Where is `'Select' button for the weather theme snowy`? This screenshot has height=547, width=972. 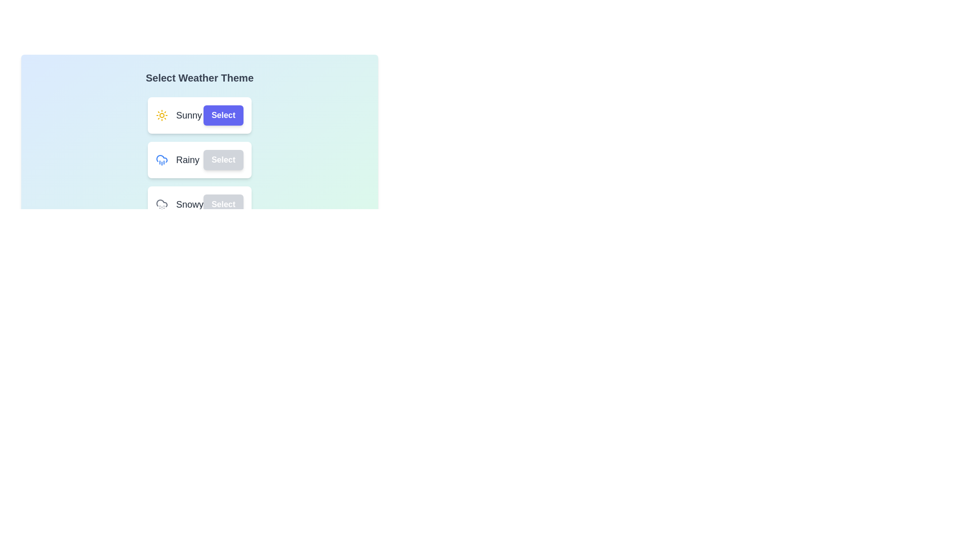
'Select' button for the weather theme snowy is located at coordinates (223, 205).